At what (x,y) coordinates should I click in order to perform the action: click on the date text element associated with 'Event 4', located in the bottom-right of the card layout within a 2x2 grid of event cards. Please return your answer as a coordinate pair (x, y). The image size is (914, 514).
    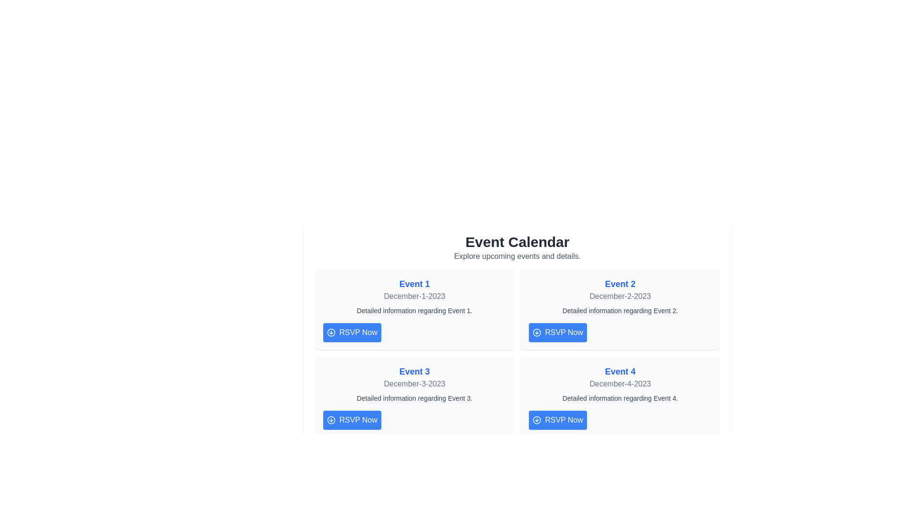
    Looking at the image, I should click on (620, 383).